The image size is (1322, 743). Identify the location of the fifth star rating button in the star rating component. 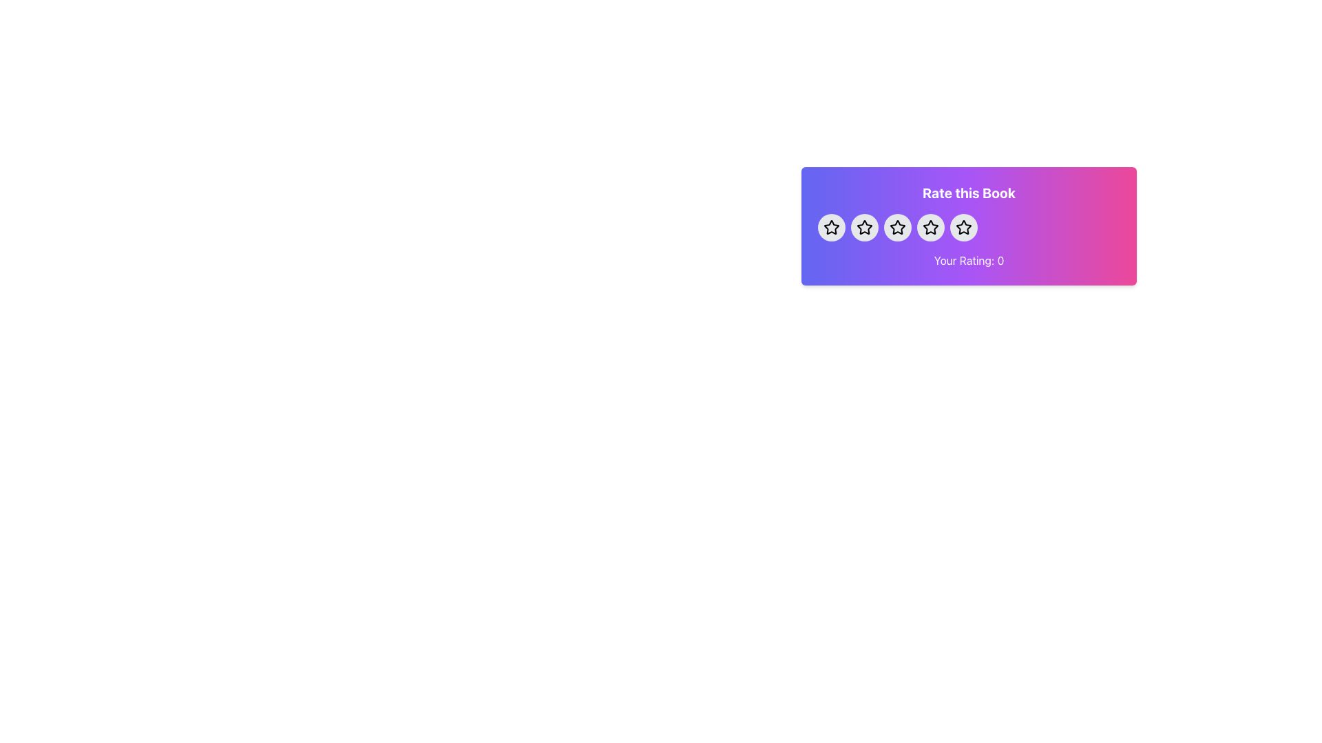
(963, 227).